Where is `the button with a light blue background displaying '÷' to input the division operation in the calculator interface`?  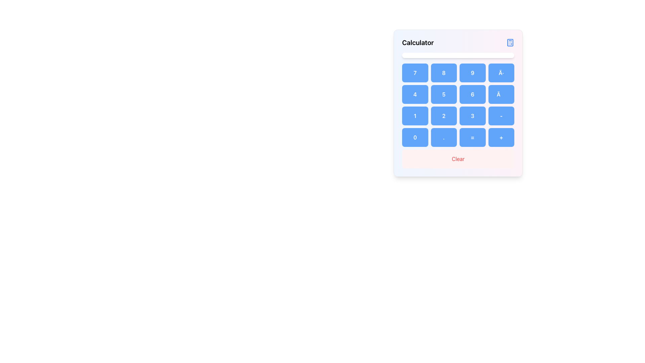 the button with a light blue background displaying '÷' to input the division operation in the calculator interface is located at coordinates (501, 73).